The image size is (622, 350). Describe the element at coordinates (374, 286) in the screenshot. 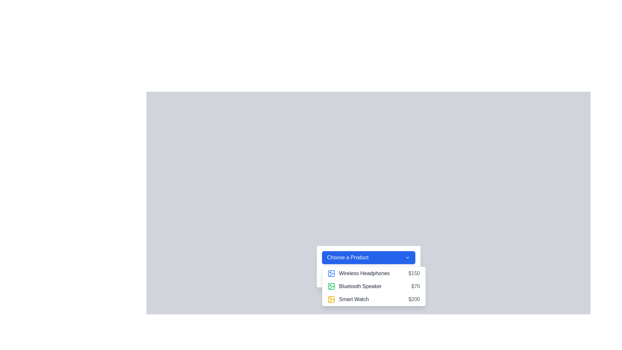

I see `the second item in the dropdown menu labeled 'Bluetooth Speaker' with a price of '$70'` at that location.